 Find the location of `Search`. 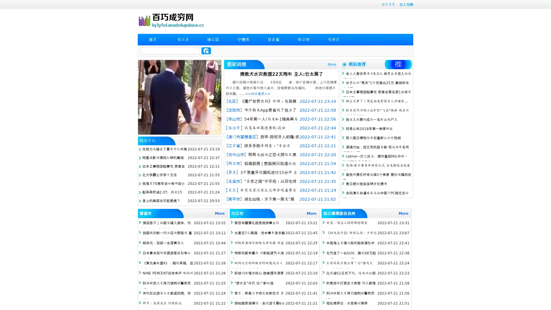

Search is located at coordinates (206, 51).